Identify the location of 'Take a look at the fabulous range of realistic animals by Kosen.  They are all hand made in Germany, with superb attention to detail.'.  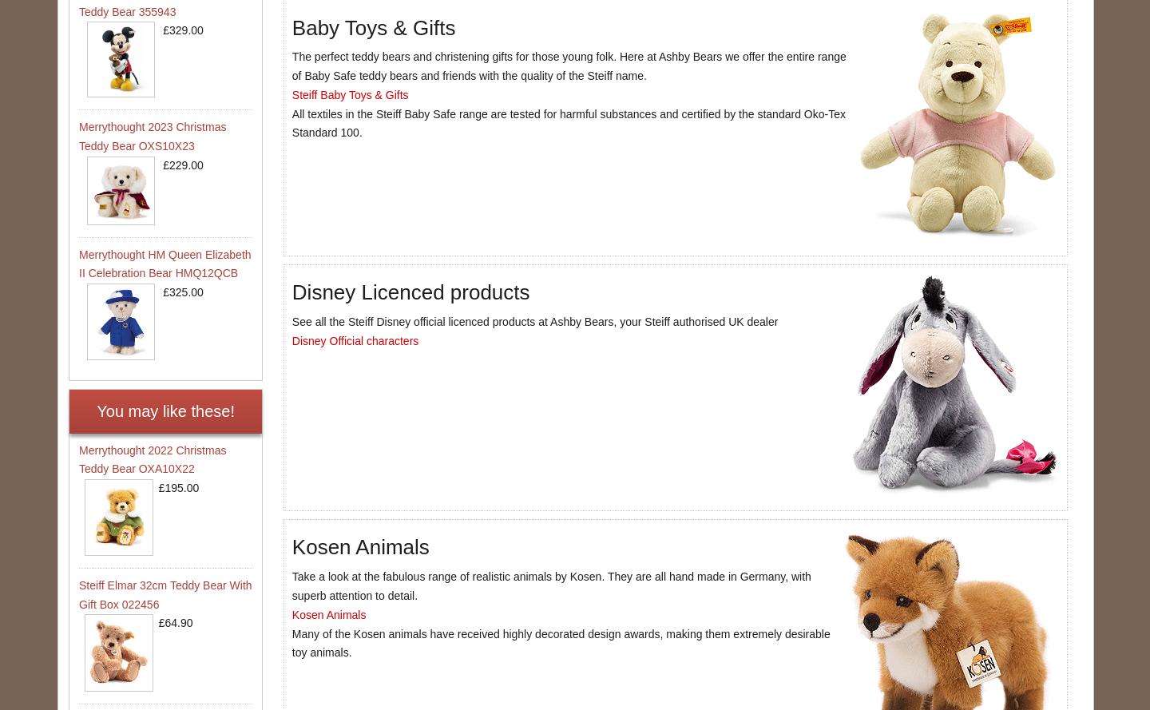
(551, 585).